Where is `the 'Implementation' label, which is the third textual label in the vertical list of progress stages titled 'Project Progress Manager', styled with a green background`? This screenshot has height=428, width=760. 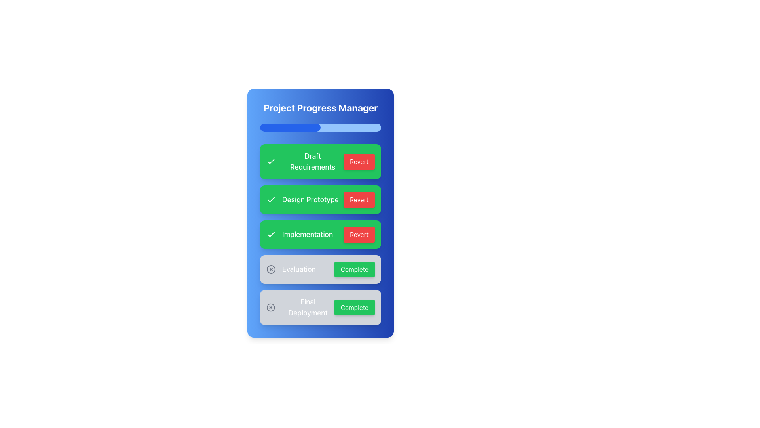
the 'Implementation' label, which is the third textual label in the vertical list of progress stages titled 'Project Progress Manager', styled with a green background is located at coordinates (307, 234).